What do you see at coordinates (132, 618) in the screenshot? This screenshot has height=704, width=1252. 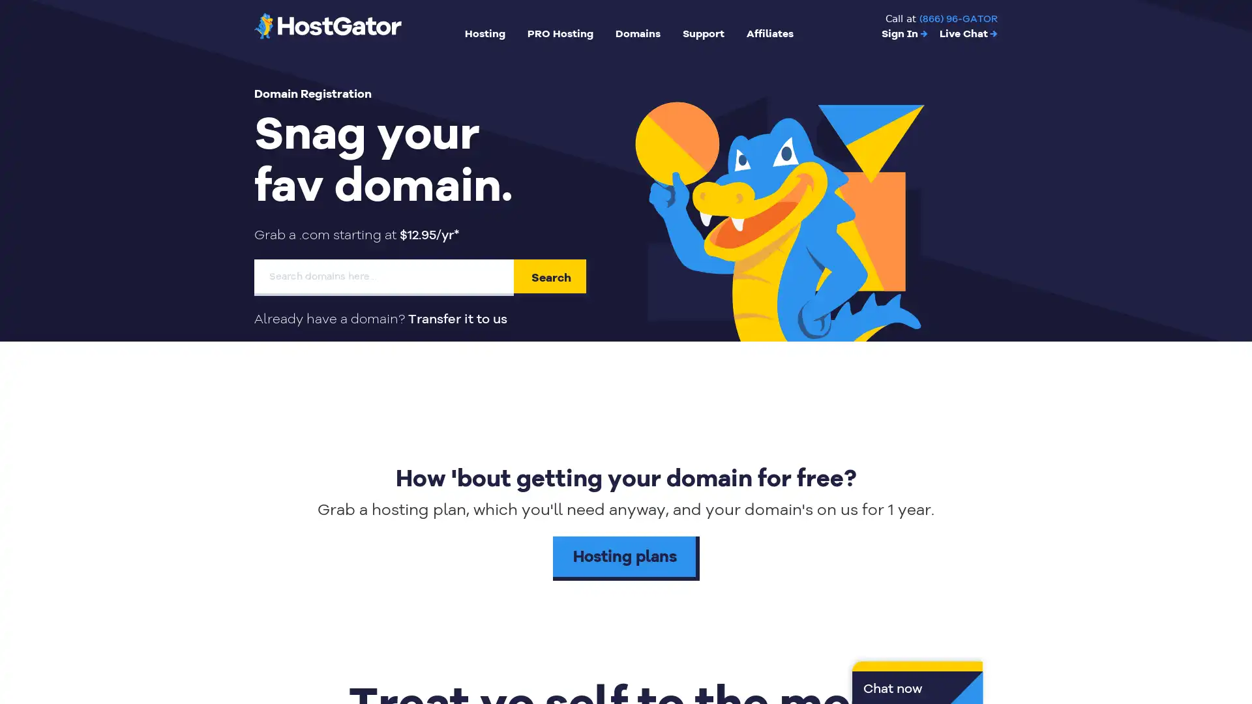 I see `Got It` at bounding box center [132, 618].